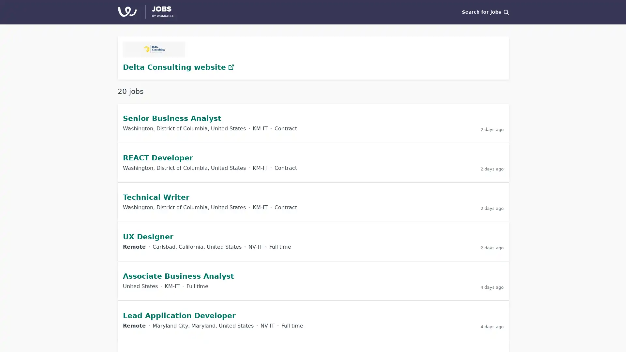 Image resolution: width=626 pixels, height=352 pixels. What do you see at coordinates (313, 241) in the screenshot?
I see `UX Designer at Delta Consulting` at bounding box center [313, 241].